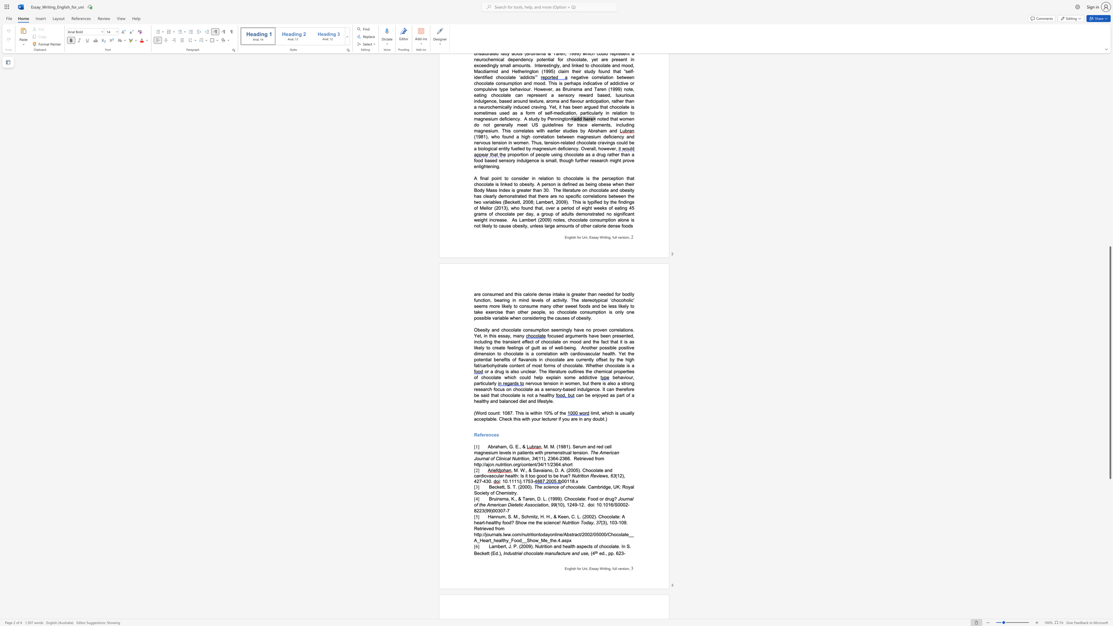  Describe the element at coordinates (1110, 165) in the screenshot. I see `the scrollbar on the side` at that location.